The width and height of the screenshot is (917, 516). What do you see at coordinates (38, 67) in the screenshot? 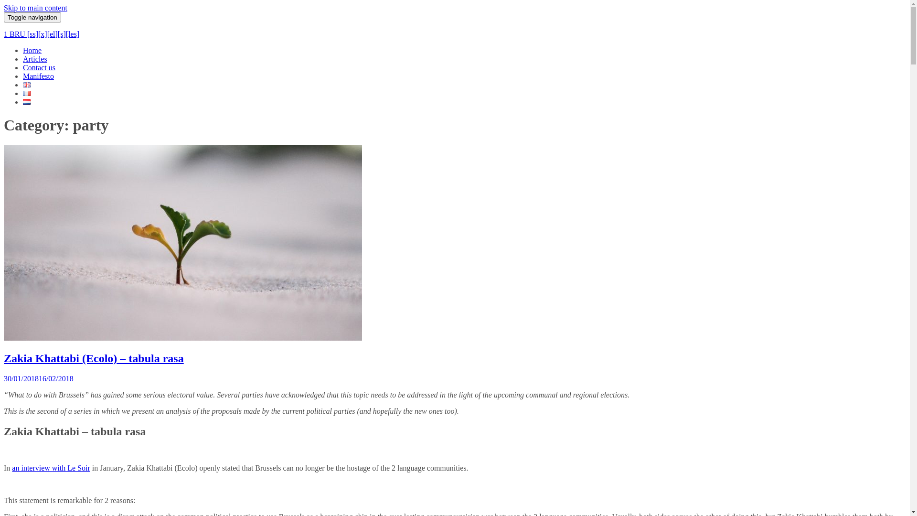
I see `'Contact us'` at bounding box center [38, 67].